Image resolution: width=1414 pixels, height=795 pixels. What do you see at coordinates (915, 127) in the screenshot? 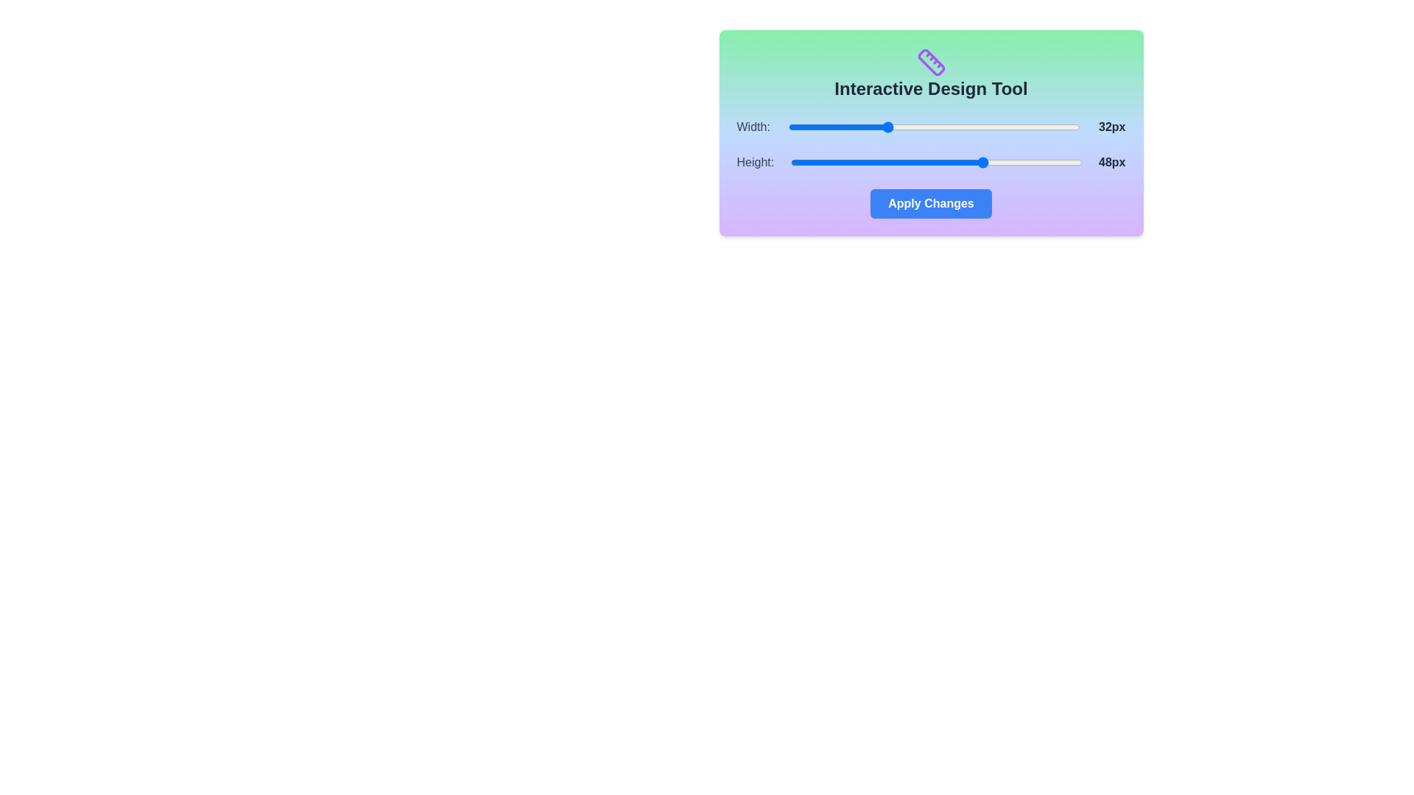
I see `the 'Width' slider to set its value to 37 within the range of 16 to 64` at bounding box center [915, 127].